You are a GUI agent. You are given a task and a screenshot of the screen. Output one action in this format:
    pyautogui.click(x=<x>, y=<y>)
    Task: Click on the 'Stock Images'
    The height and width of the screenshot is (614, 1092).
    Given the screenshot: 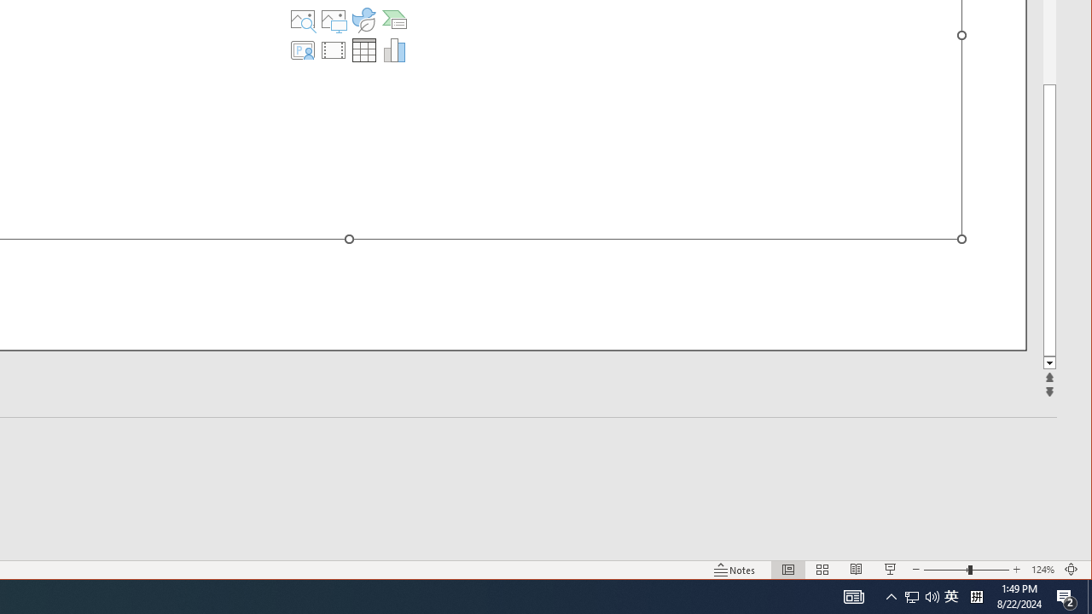 What is the action you would take?
    pyautogui.click(x=303, y=20)
    